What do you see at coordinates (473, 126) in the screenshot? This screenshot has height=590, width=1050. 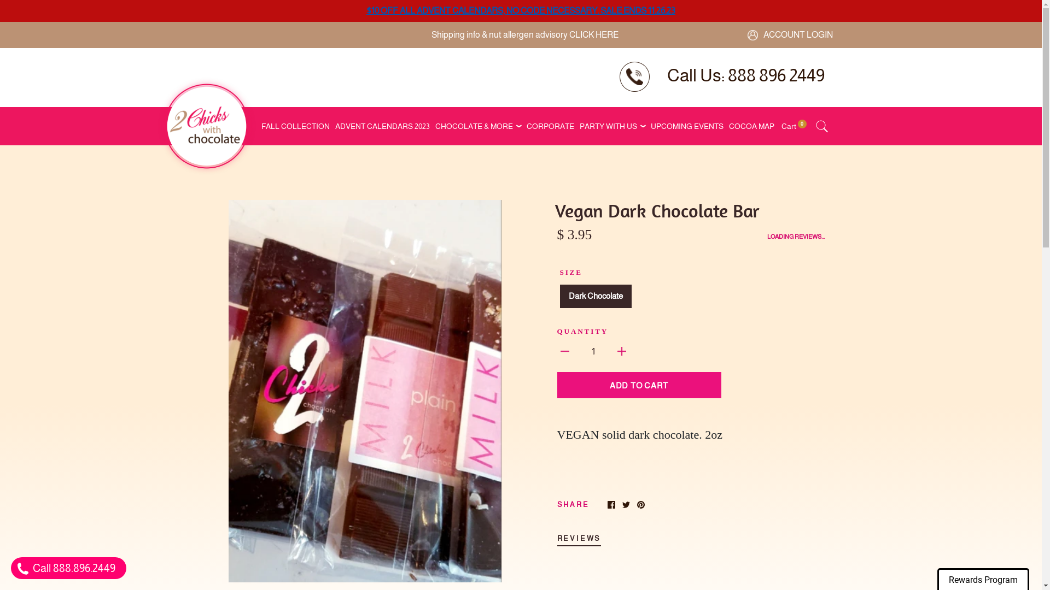 I see `'CHOCOLATE & MORE'` at bounding box center [473, 126].